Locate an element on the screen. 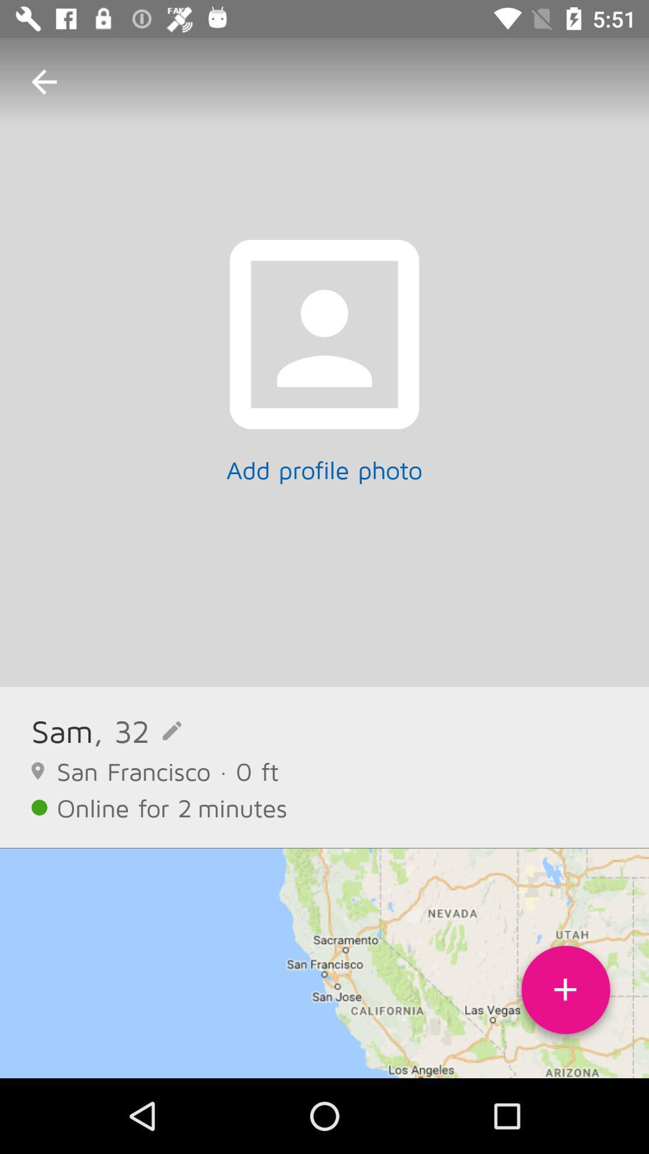 Image resolution: width=649 pixels, height=1154 pixels. the item to the right of sam item is located at coordinates (136, 730).